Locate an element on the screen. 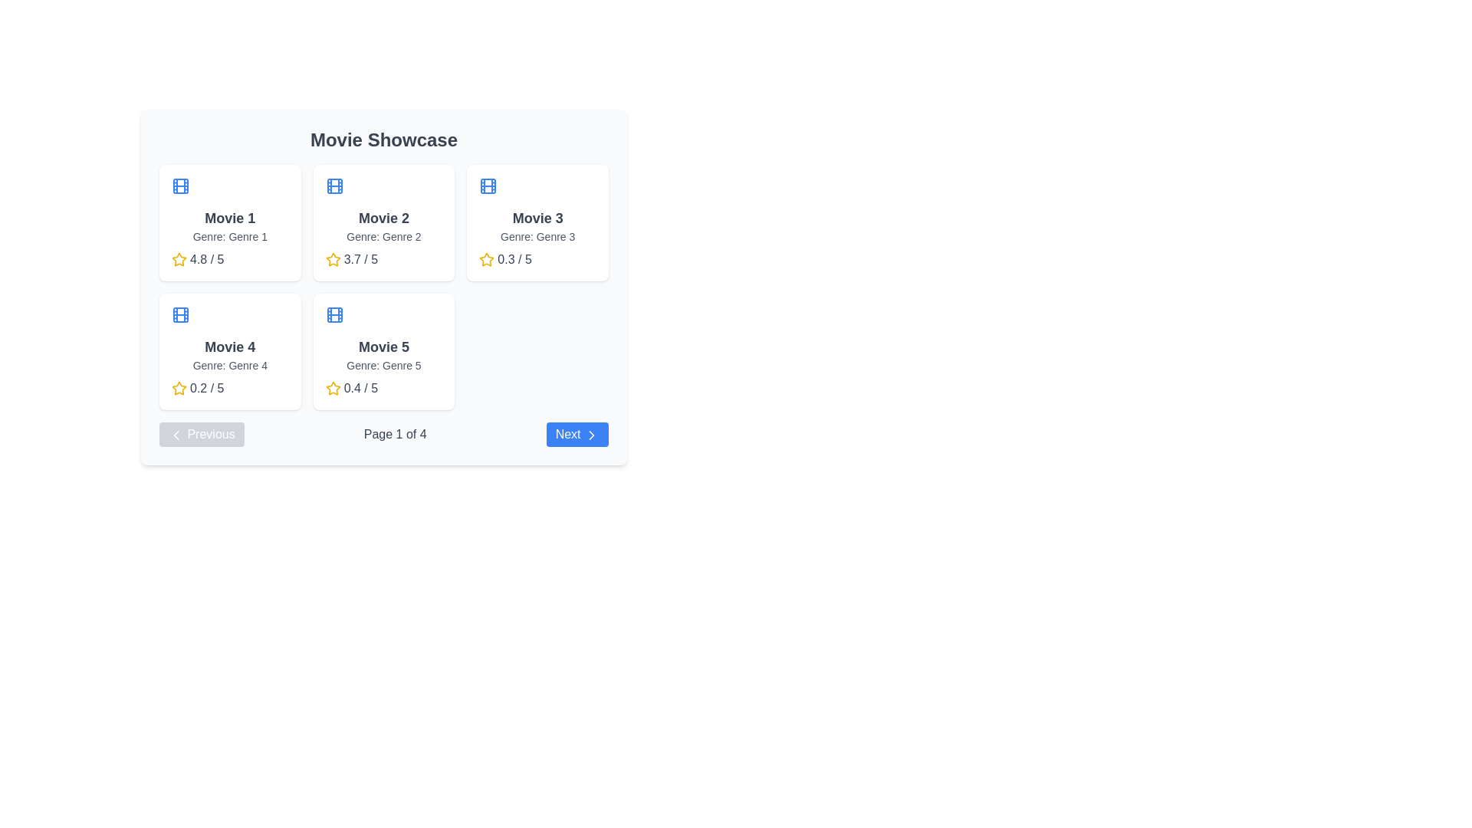 The height and width of the screenshot is (828, 1472). the rating text label displaying the rating of 'Movie 5', located at the bottom row of the grid layout is located at coordinates (360, 387).